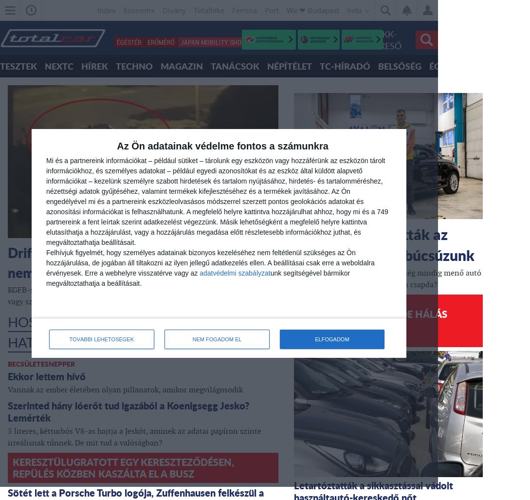 Image resolution: width=530 pixels, height=500 pixels. Describe the element at coordinates (385, 39) in the screenshot. I see `'CIKK-KERESŐ'` at that location.